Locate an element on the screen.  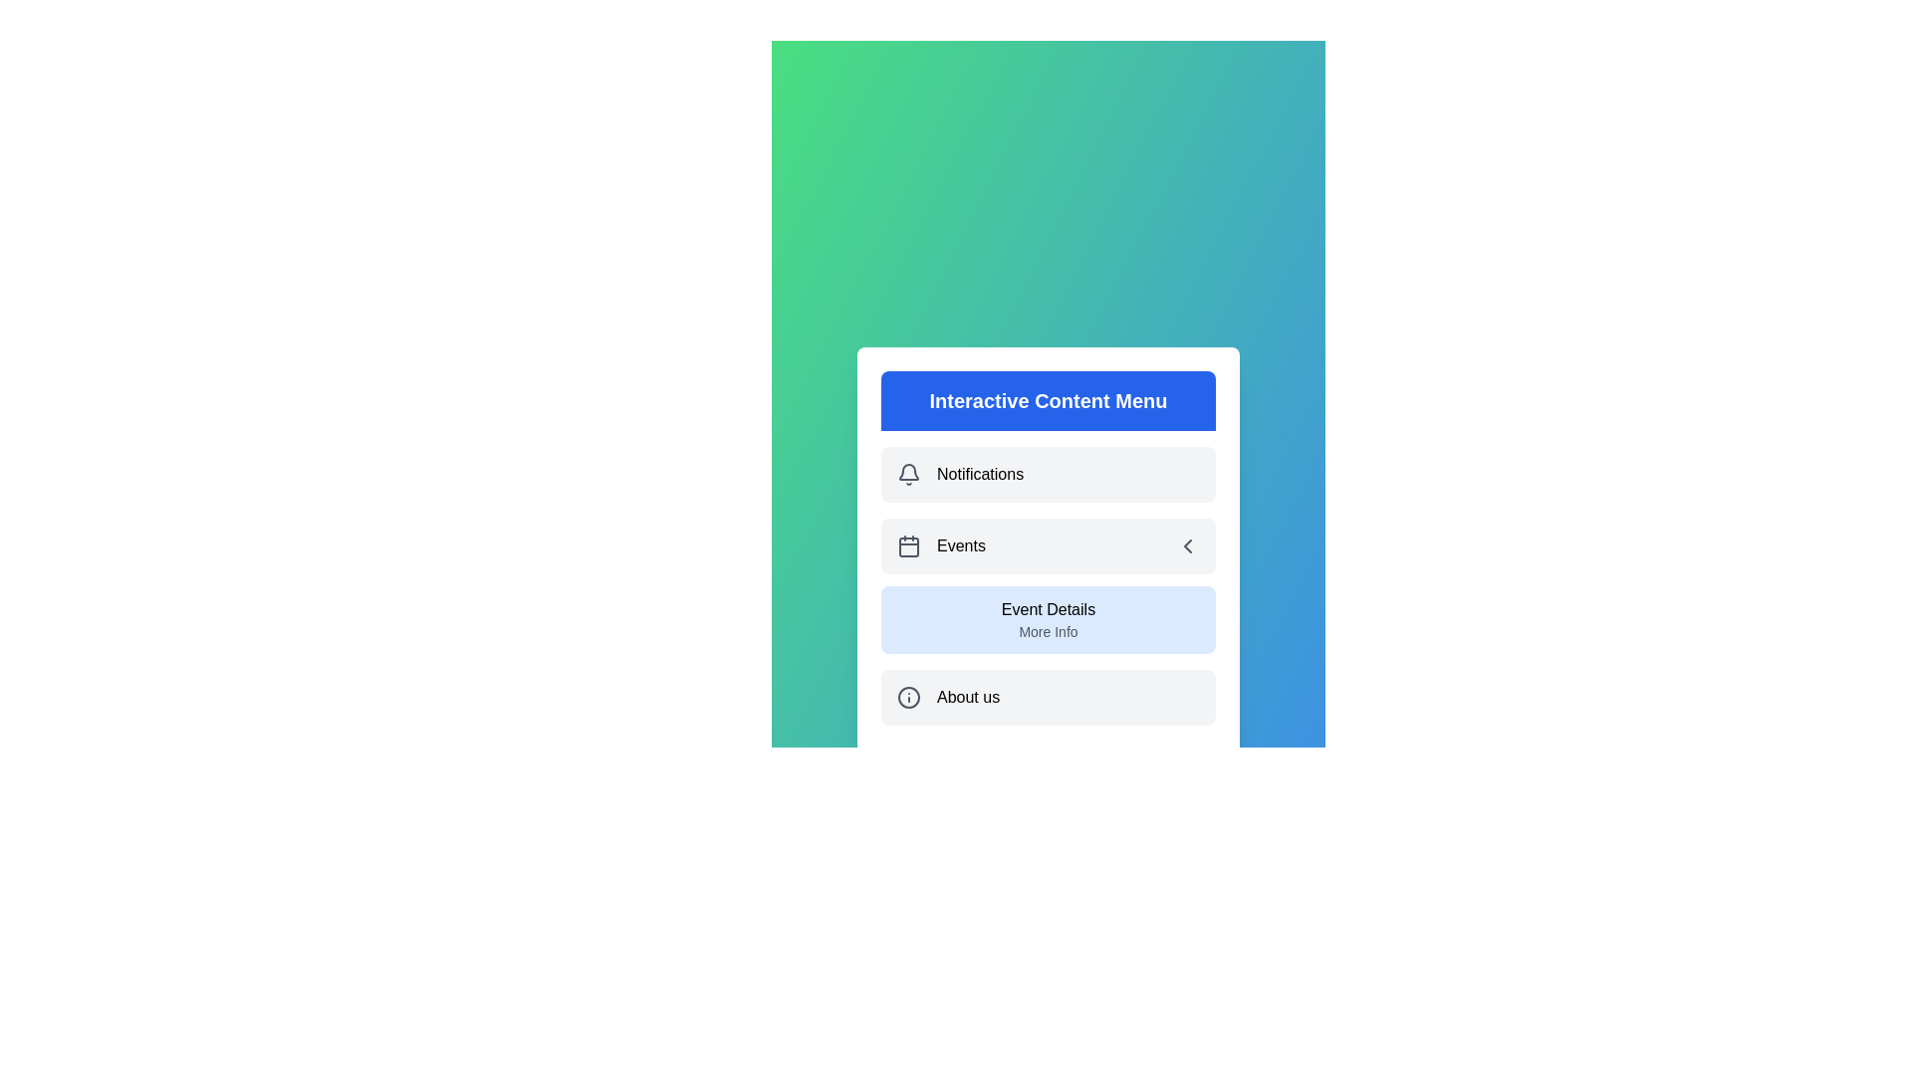
the submenu option Event Details under 'Events' is located at coordinates (1047, 609).